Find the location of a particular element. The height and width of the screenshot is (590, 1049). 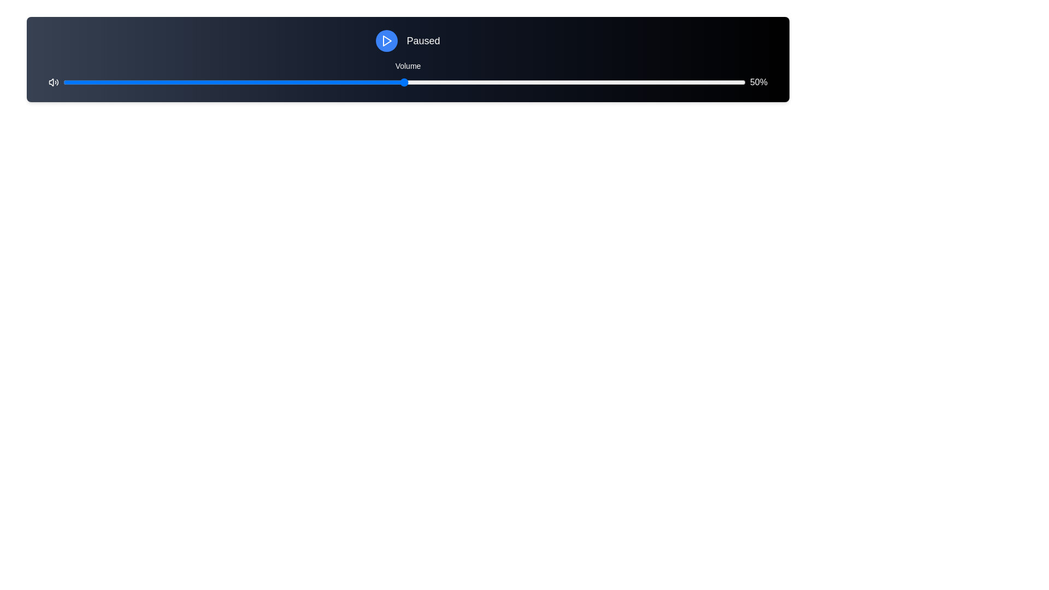

the volume is located at coordinates (479, 81).